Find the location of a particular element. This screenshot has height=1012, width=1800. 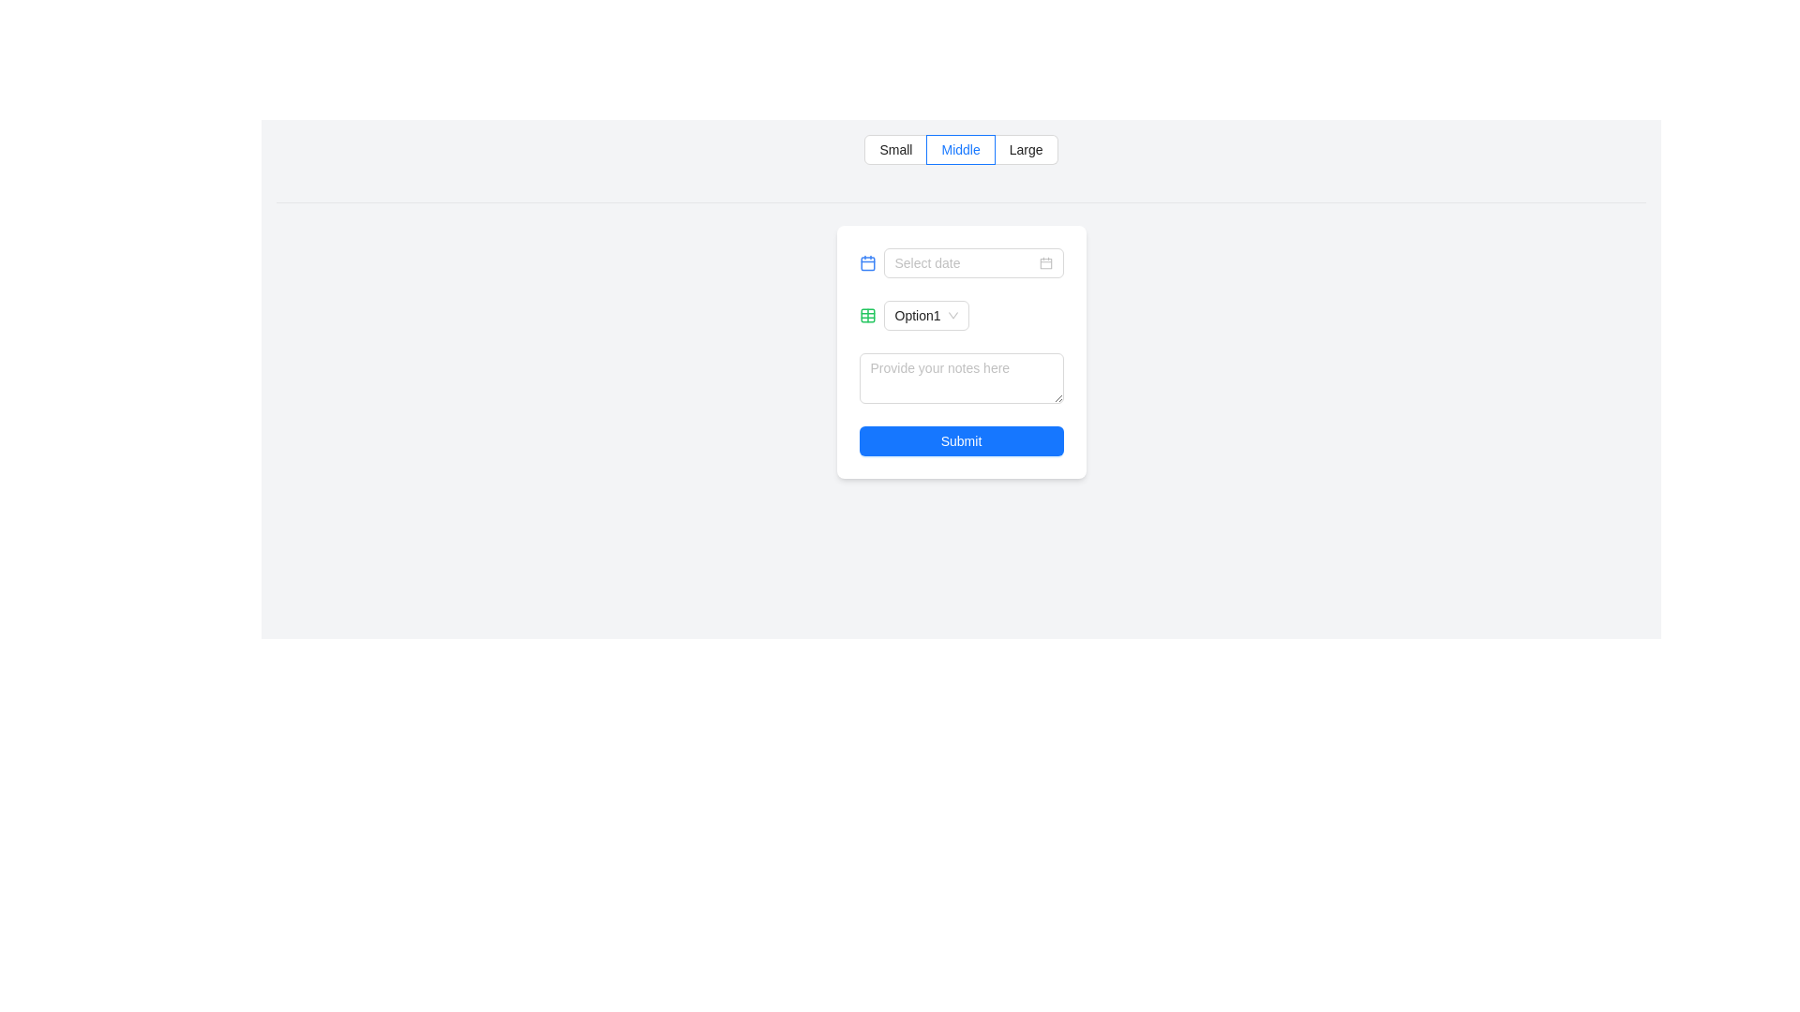

the text input field with a light gray border and rounded corners, which has the placeholder text 'Provide your notes here', to focus and type is located at coordinates (961, 379).